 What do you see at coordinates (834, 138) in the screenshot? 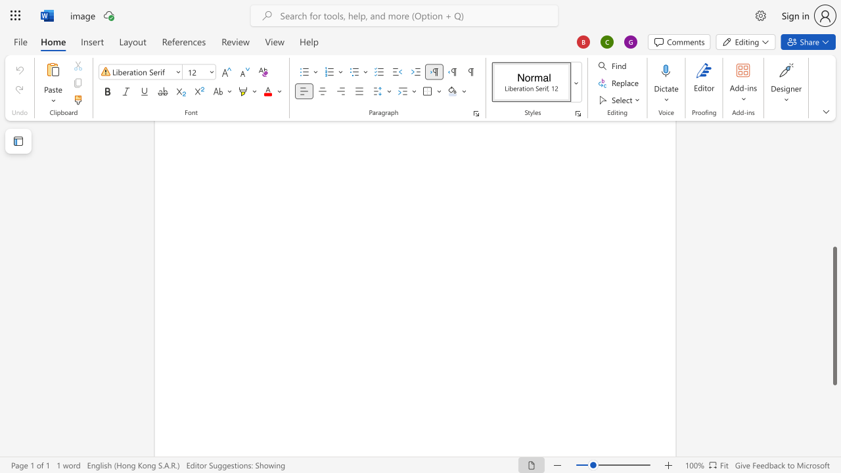
I see `the scrollbar to move the page up` at bounding box center [834, 138].